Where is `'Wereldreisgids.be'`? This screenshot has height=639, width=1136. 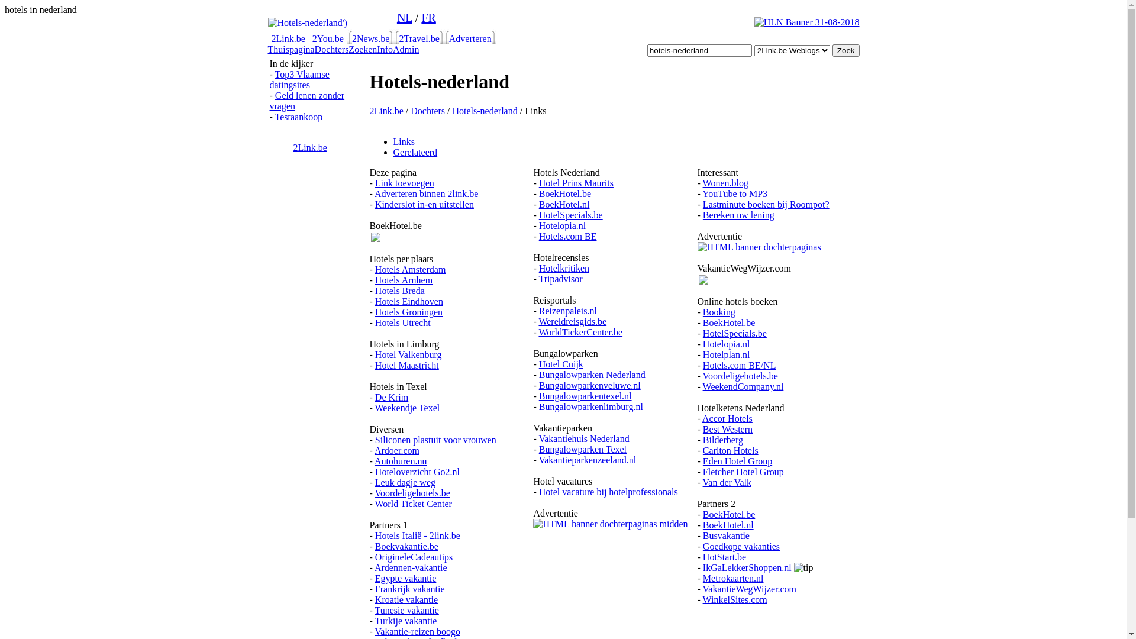
'Wereldreisgids.be' is located at coordinates (572, 321).